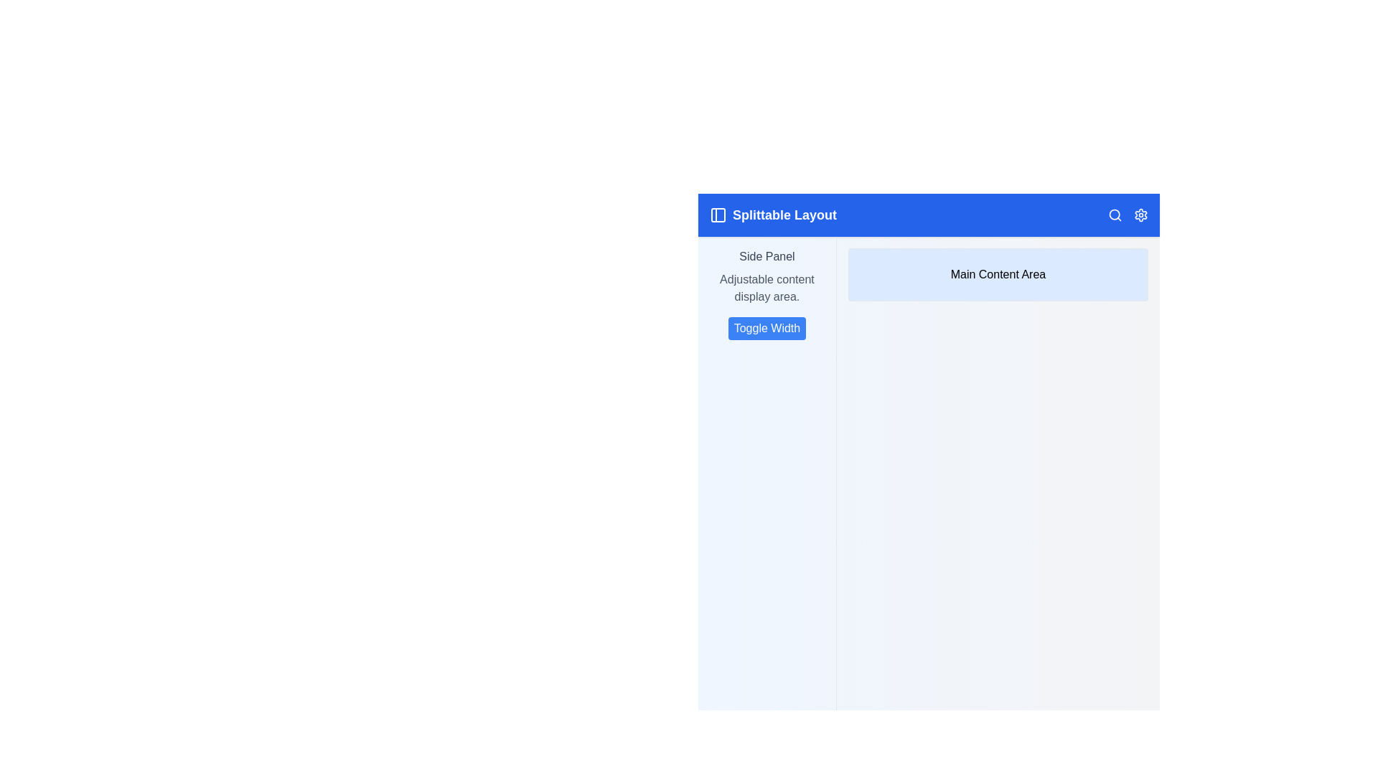 The image size is (1378, 775). Describe the element at coordinates (784, 215) in the screenshot. I see `text displayed in bold, large font titled 'Splittable Layout', located in the top horizontal blue bar, centered towards the left side, next to a graphical icon` at that location.